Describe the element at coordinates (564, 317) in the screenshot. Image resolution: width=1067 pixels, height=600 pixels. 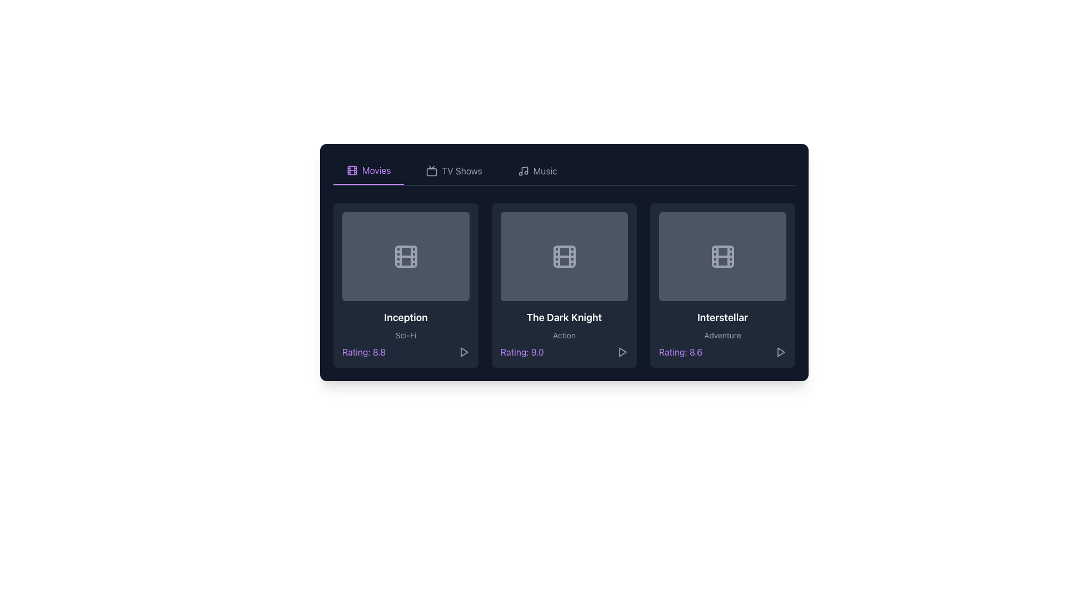
I see `the text label displaying 'The Dark Knight', which is centrally located in the second card of a horizontal arrangement of three cards` at that location.